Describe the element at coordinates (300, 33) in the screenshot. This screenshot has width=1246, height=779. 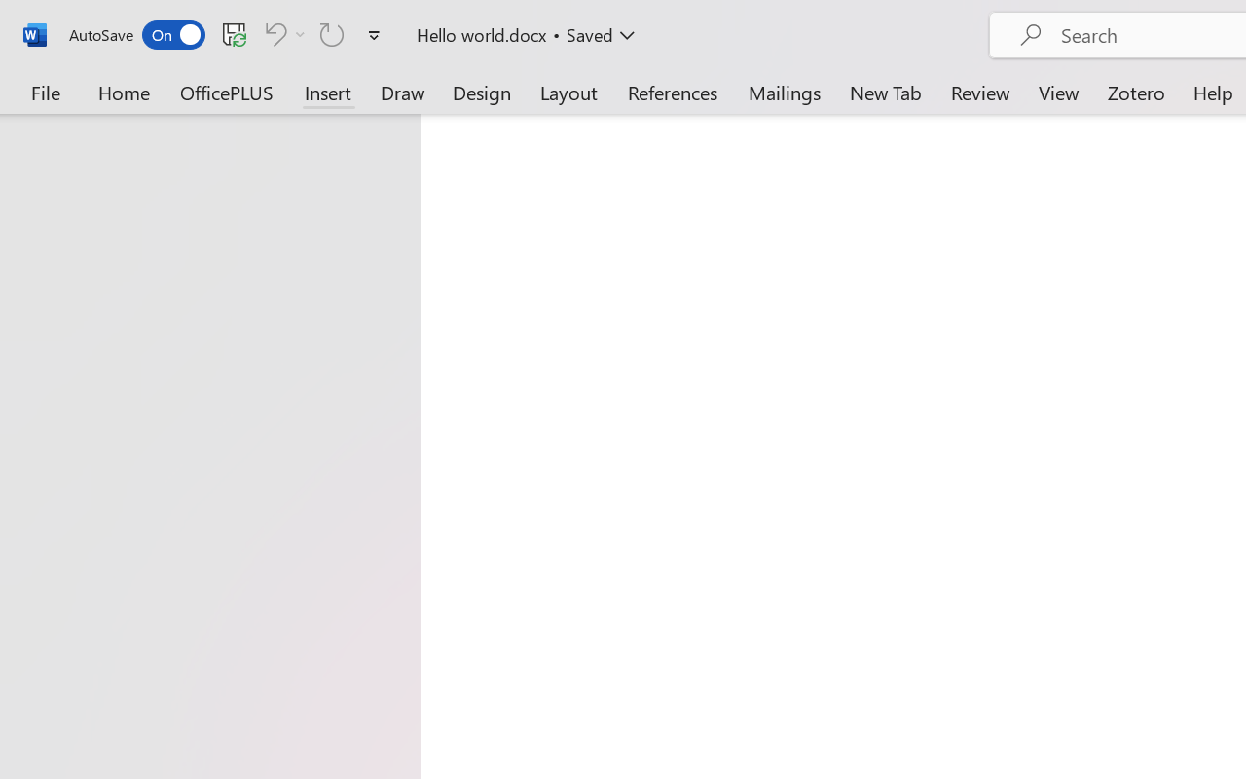
I see `'More Options'` at that location.